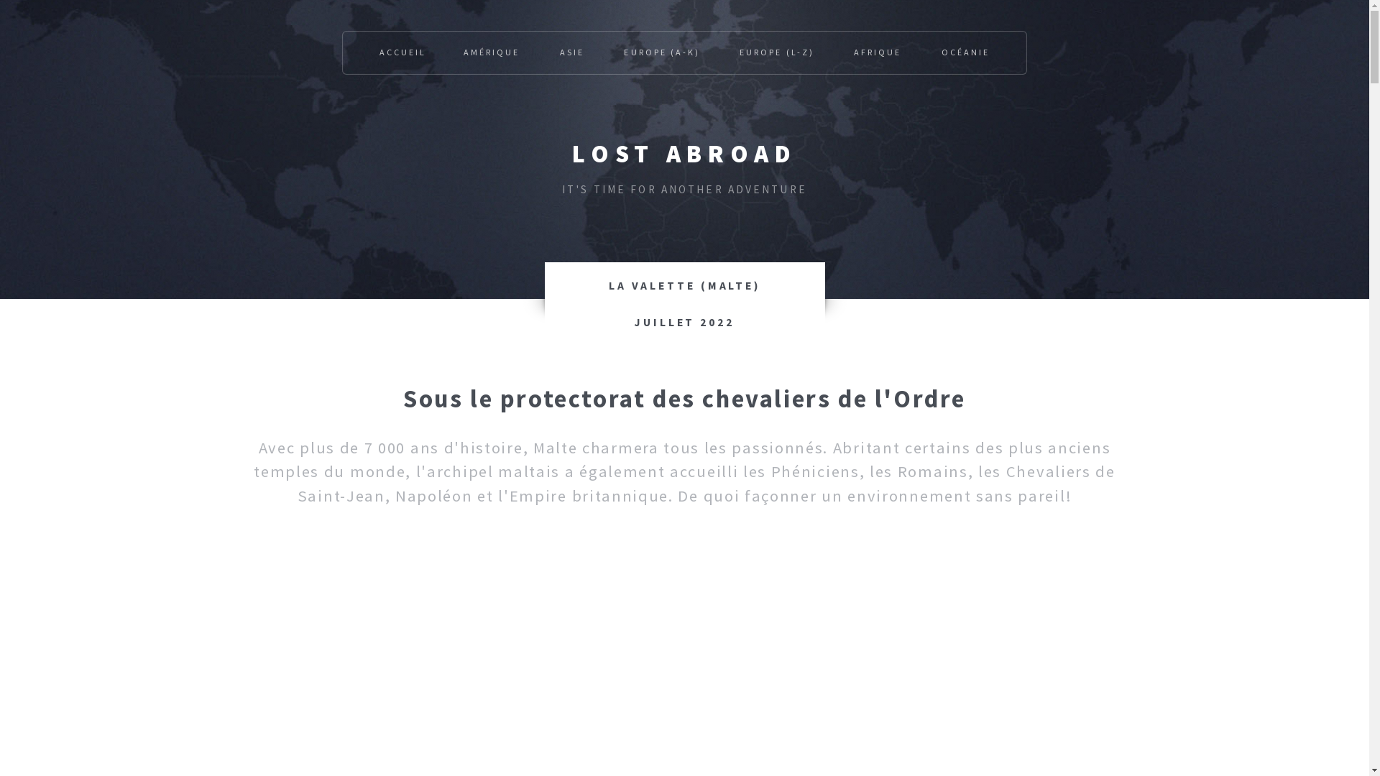  I want to click on 'AFRIQUE', so click(876, 52).